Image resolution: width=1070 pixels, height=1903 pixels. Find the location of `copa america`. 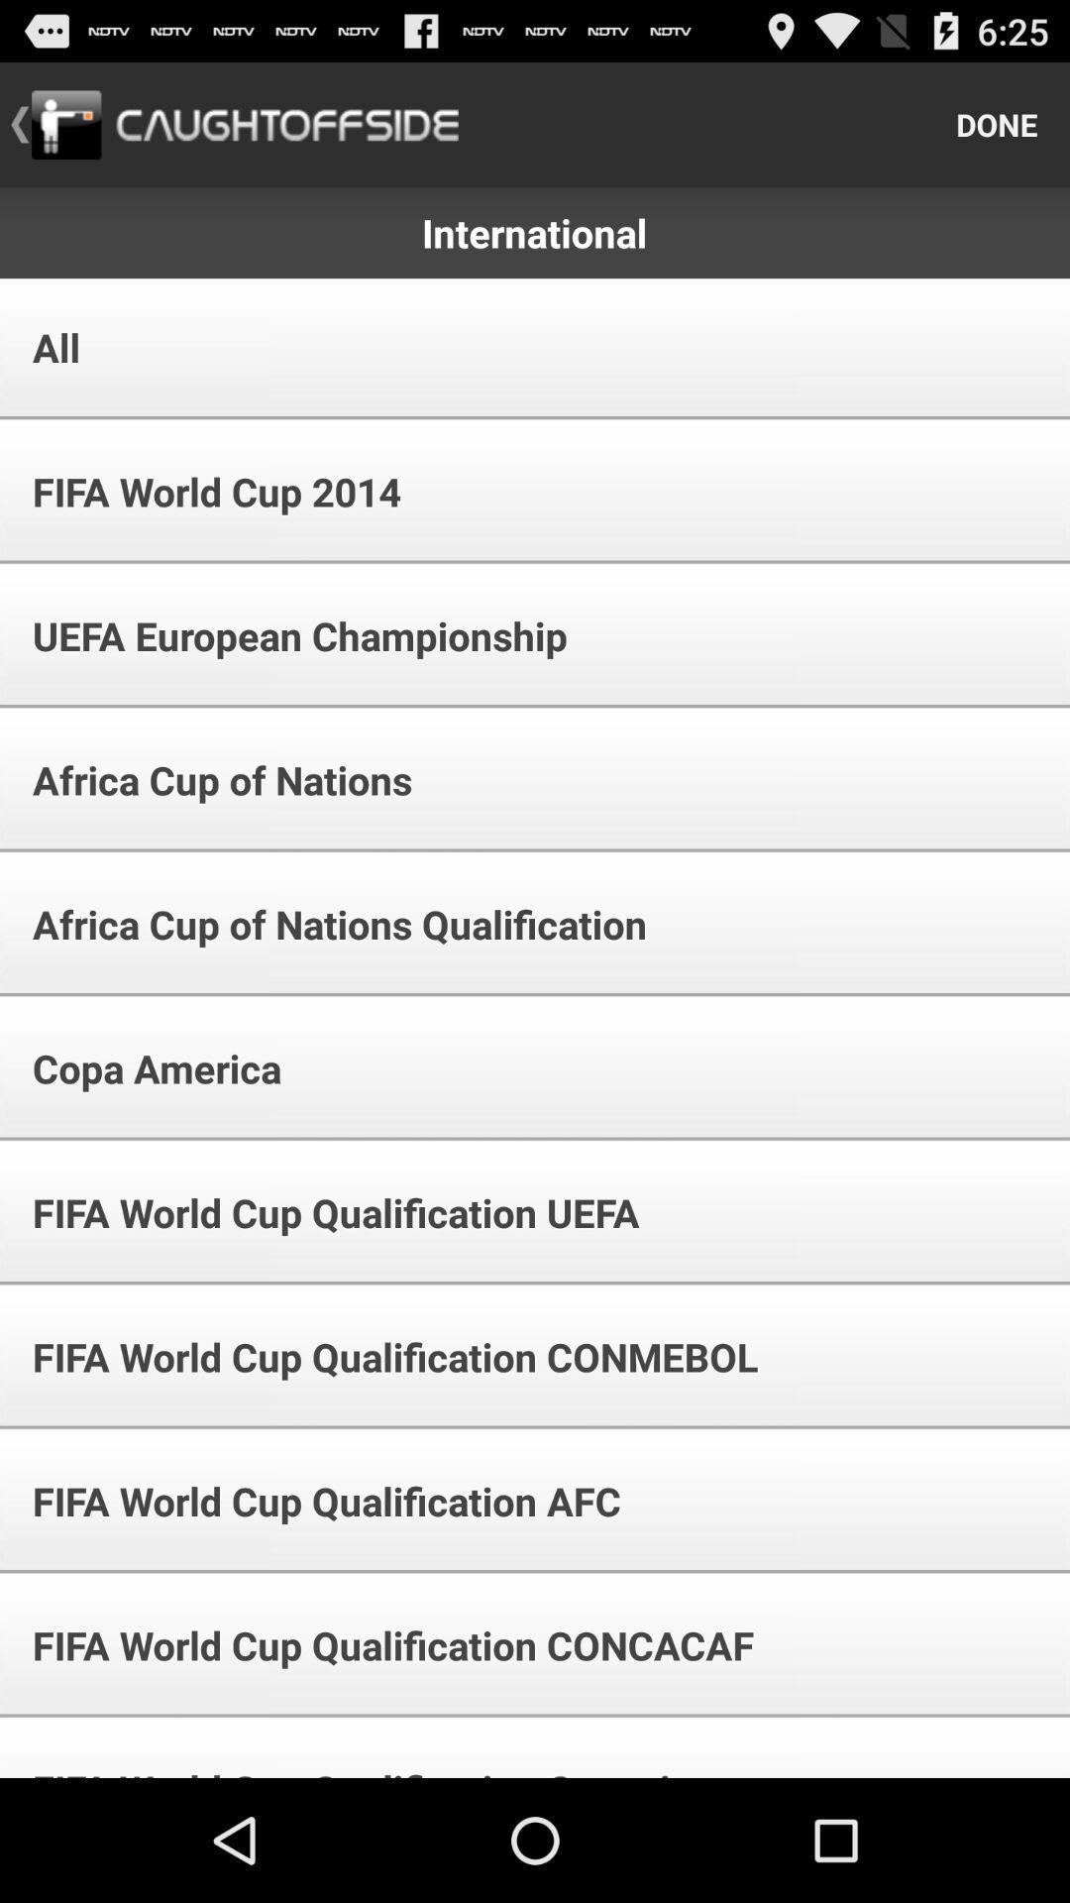

copa america is located at coordinates (143, 1067).